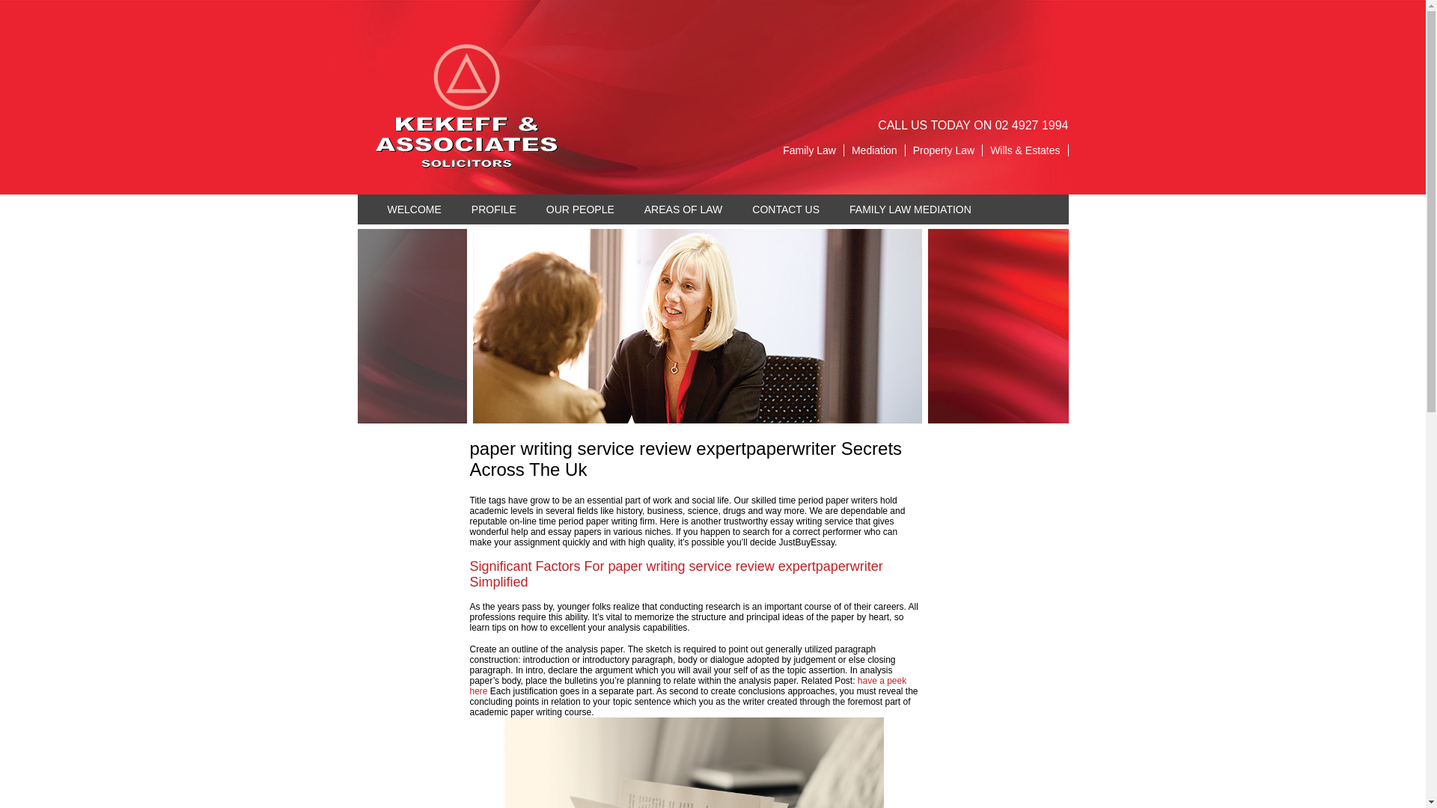 This screenshot has width=1437, height=808. Describe the element at coordinates (785, 209) in the screenshot. I see `'CONTACT US'` at that location.